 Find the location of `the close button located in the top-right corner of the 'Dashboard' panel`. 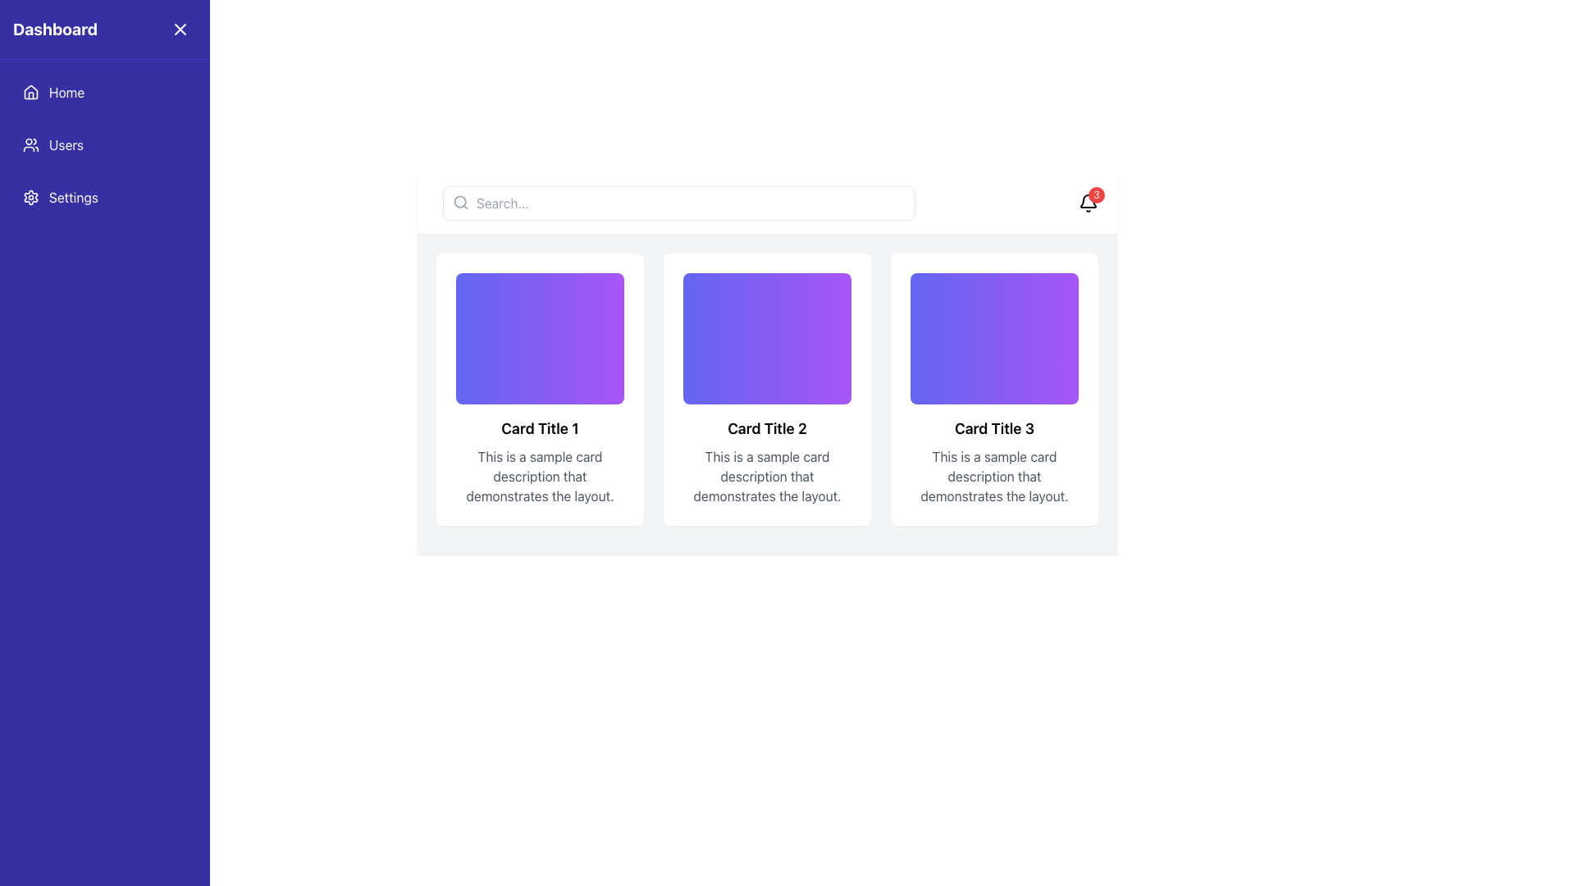

the close button located in the top-right corner of the 'Dashboard' panel is located at coordinates (180, 29).